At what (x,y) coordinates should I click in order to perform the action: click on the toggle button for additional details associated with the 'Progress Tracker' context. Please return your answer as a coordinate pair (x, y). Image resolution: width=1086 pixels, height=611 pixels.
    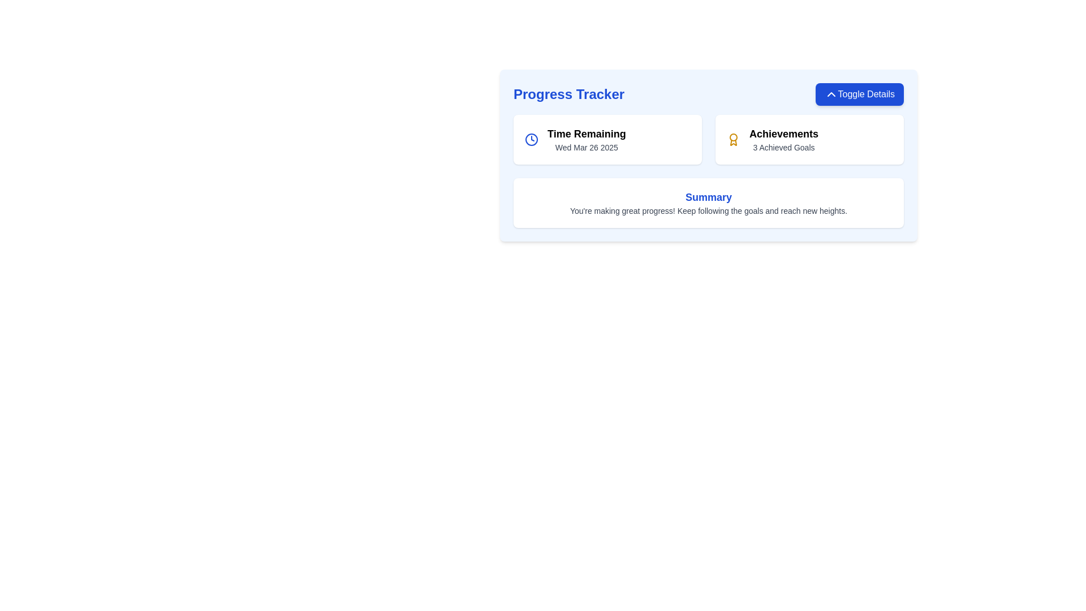
    Looking at the image, I should click on (859, 93).